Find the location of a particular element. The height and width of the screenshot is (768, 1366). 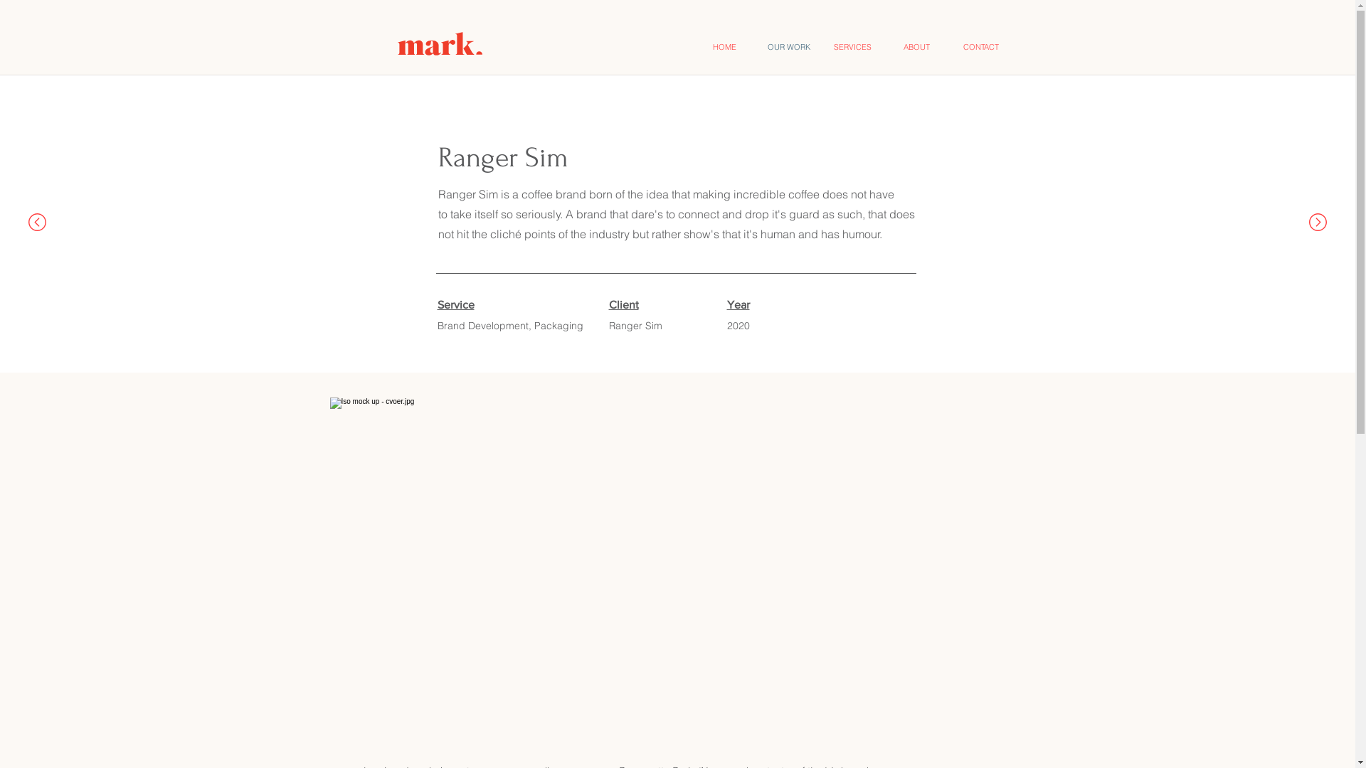

'ABOUT' is located at coordinates (917, 46).